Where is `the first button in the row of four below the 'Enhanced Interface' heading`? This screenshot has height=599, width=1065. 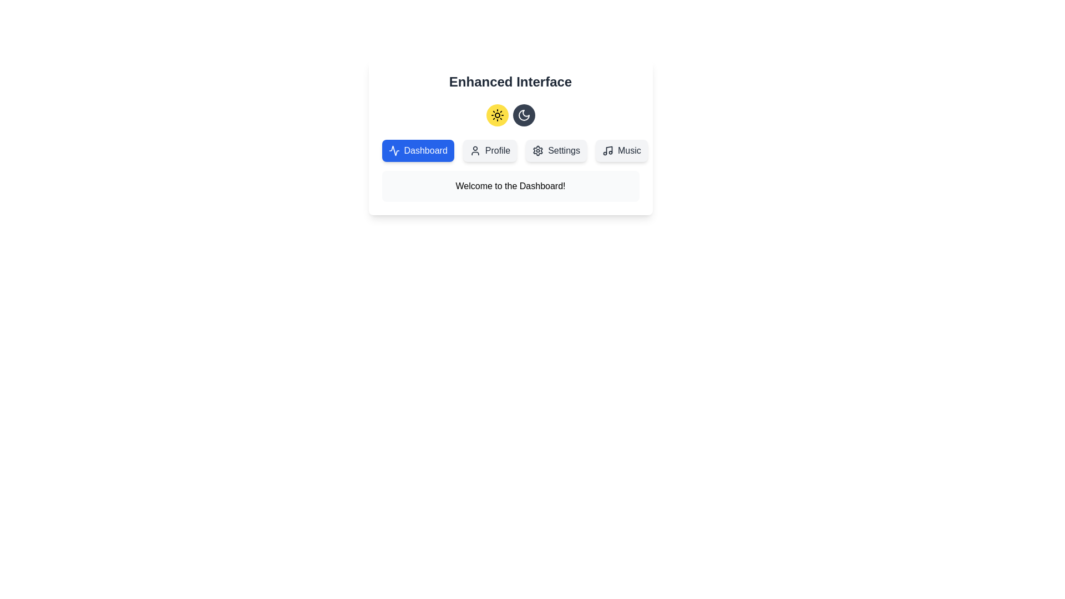 the first button in the row of four below the 'Enhanced Interface' heading is located at coordinates (417, 151).